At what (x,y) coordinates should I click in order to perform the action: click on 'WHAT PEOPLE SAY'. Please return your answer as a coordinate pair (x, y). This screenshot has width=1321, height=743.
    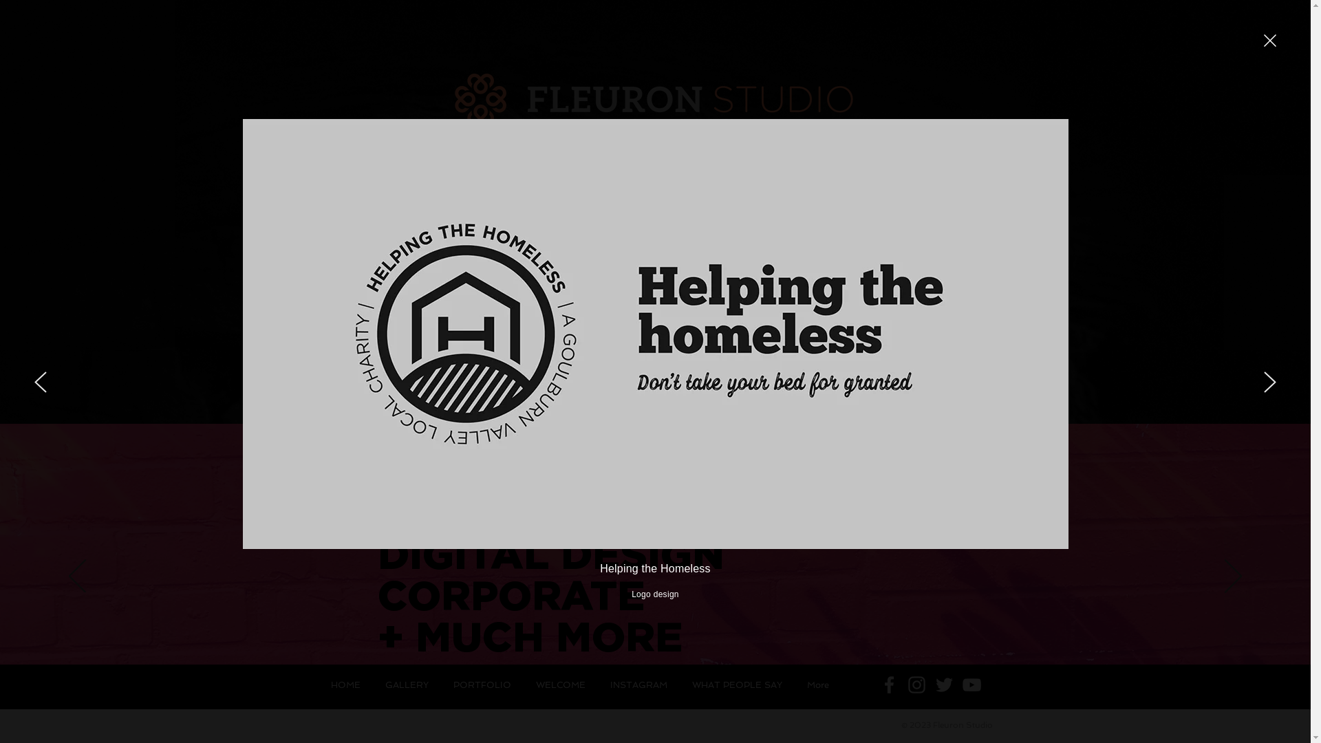
    Looking at the image, I should click on (736, 685).